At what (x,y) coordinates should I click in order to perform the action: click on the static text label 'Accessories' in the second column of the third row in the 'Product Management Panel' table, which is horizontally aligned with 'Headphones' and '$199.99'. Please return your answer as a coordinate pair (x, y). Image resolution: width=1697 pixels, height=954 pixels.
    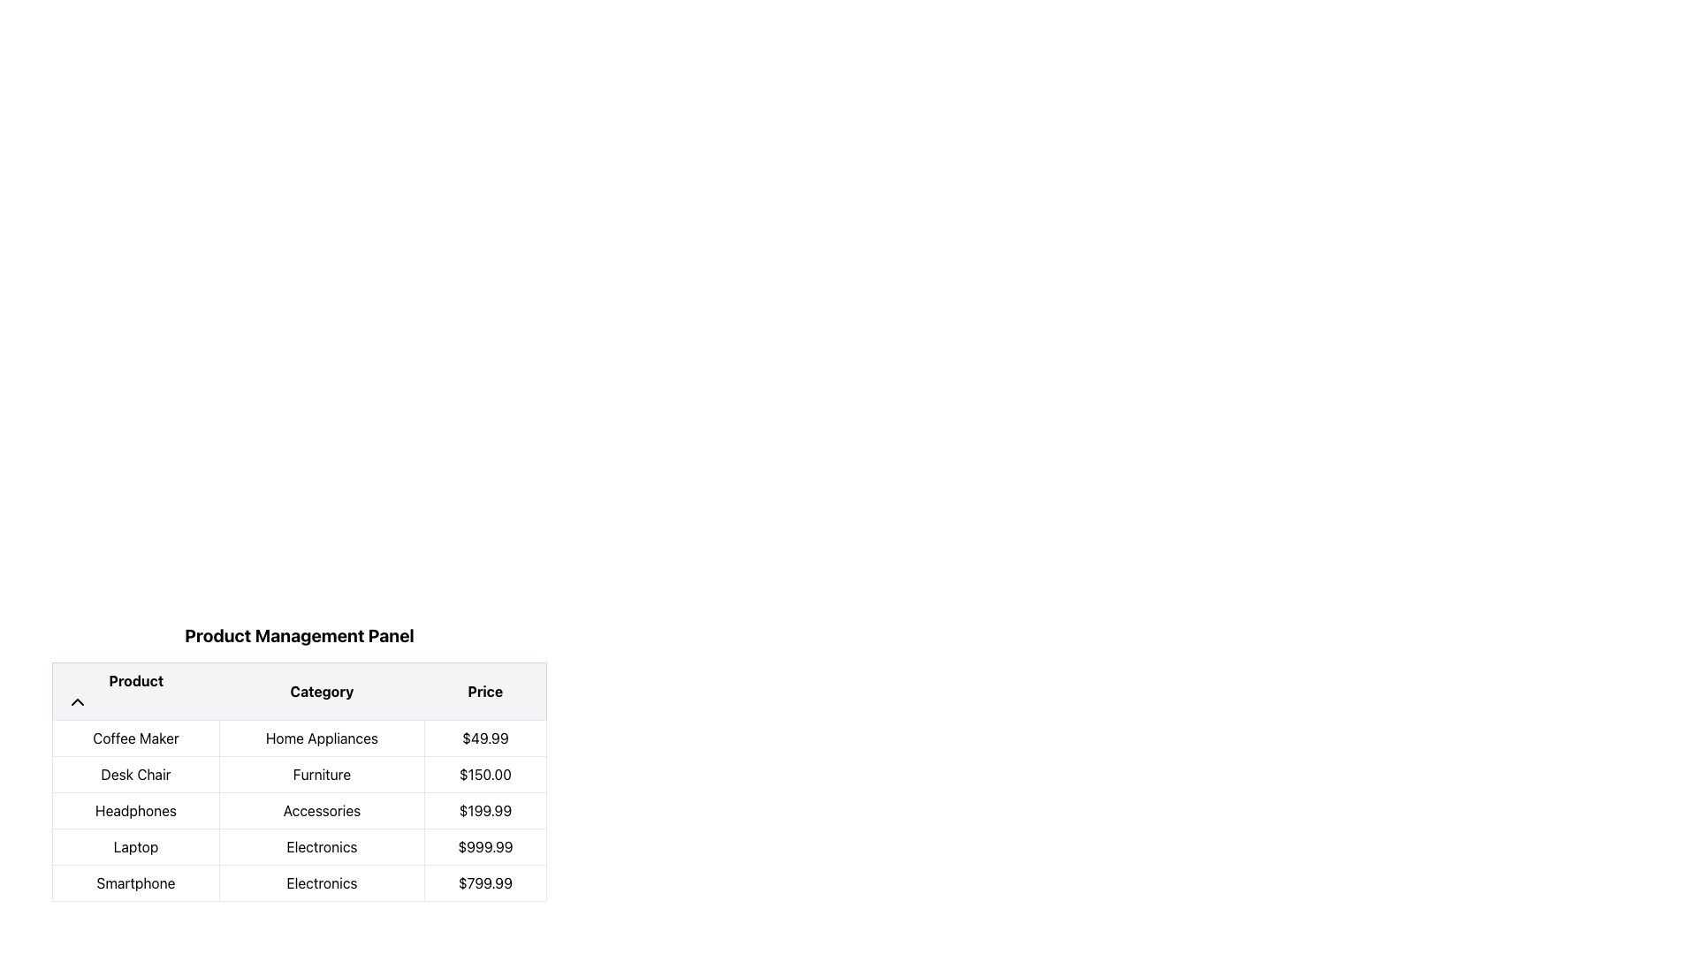
    Looking at the image, I should click on (300, 811).